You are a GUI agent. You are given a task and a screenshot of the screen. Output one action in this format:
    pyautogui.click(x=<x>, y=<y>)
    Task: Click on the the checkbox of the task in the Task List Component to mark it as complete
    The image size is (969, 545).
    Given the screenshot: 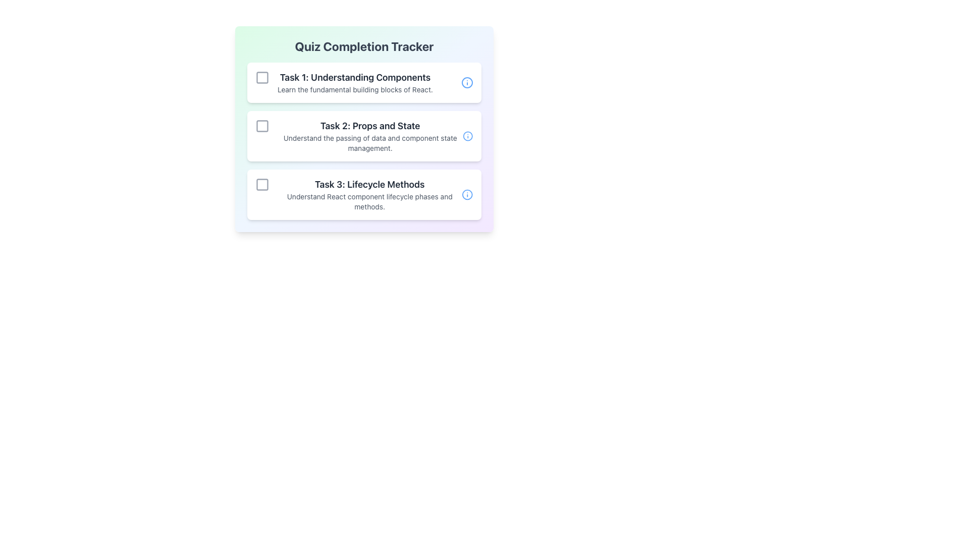 What is the action you would take?
    pyautogui.click(x=363, y=141)
    